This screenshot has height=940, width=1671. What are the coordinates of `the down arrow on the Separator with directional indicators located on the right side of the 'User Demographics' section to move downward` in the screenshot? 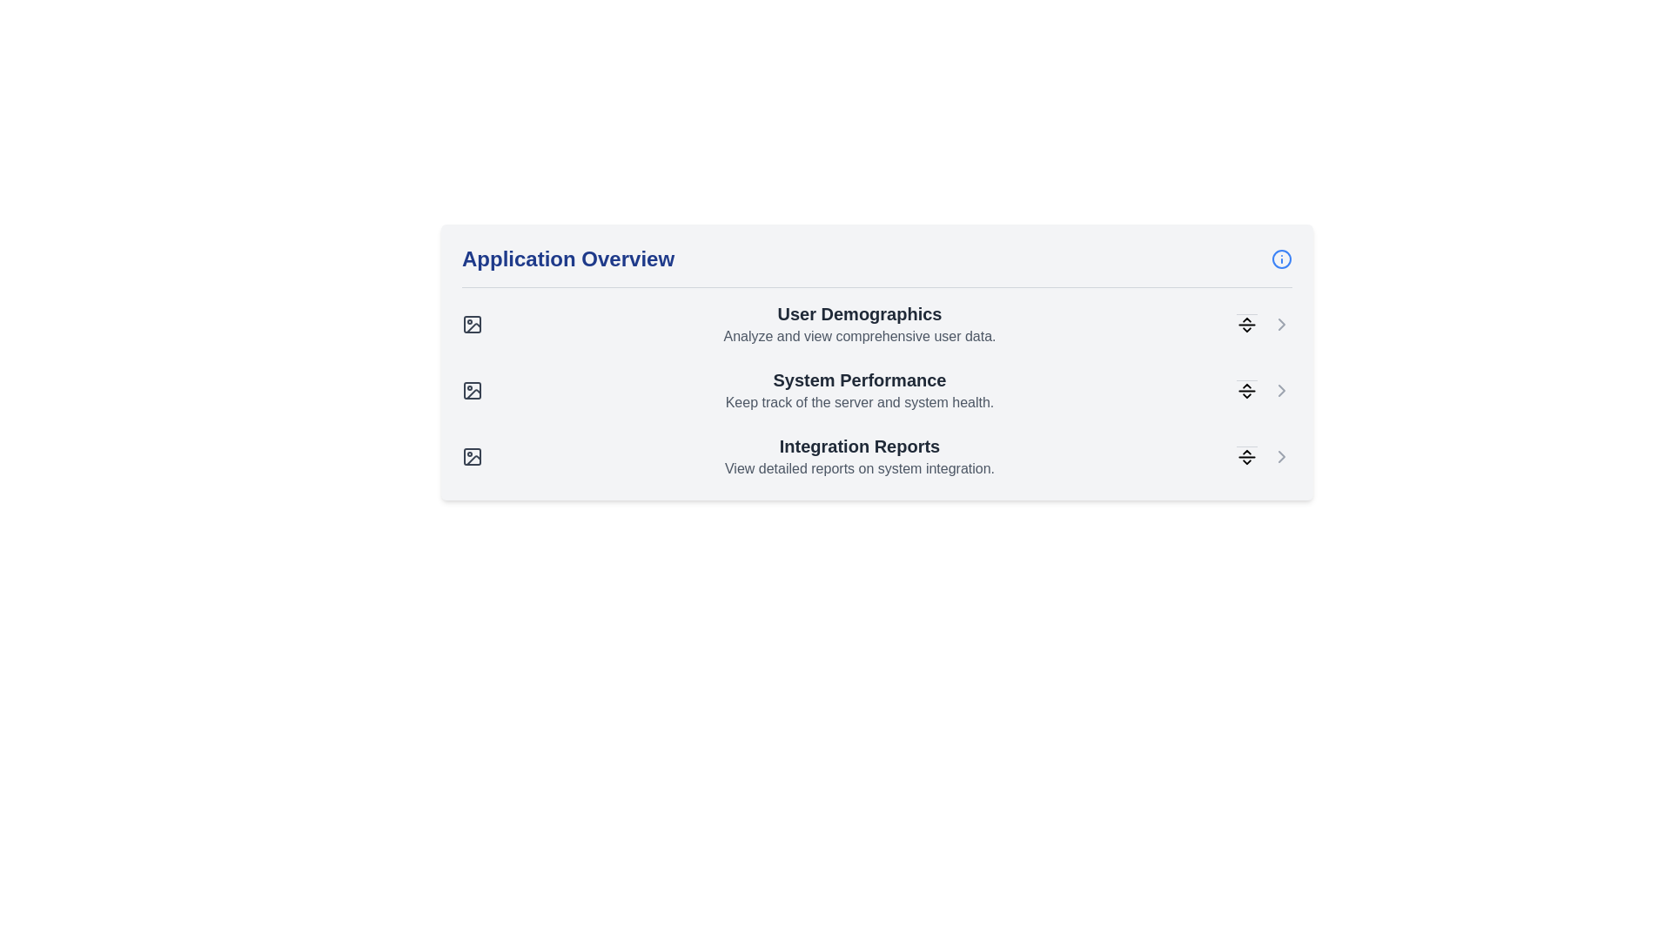 It's located at (1246, 325).